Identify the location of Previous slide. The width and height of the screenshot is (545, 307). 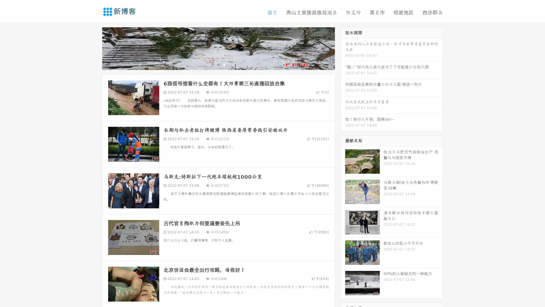
(94, 48).